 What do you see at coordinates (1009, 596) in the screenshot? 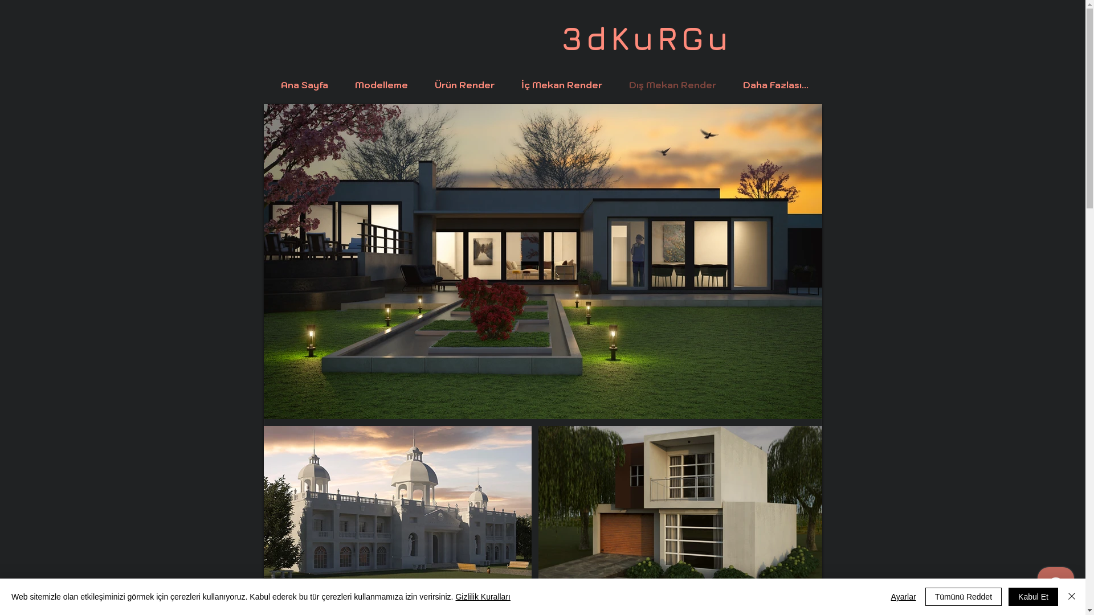
I see `'Kabul Et'` at bounding box center [1009, 596].